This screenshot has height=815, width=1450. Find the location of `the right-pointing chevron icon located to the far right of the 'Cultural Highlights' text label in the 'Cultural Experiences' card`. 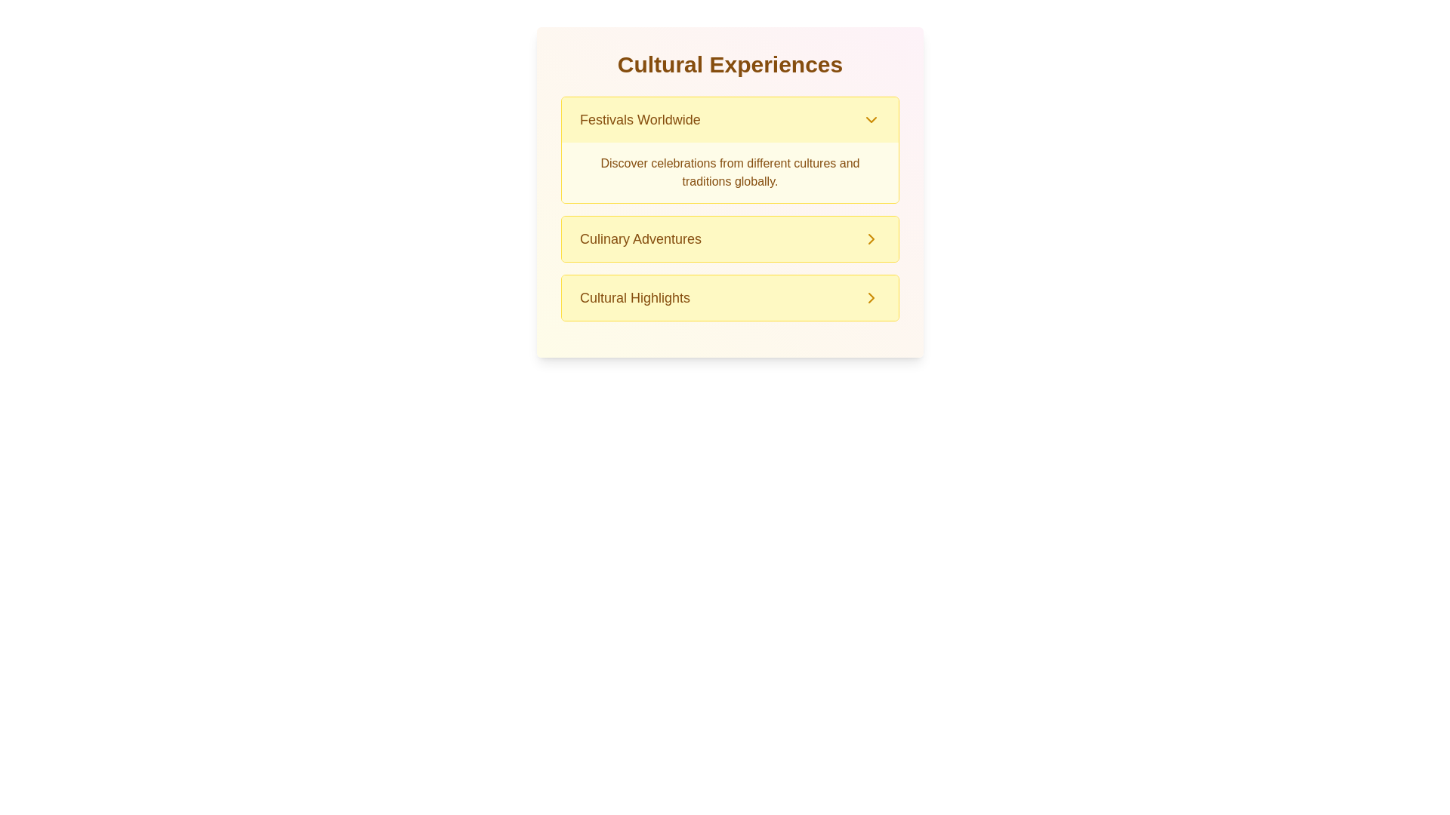

the right-pointing chevron icon located to the far right of the 'Cultural Highlights' text label in the 'Cultural Experiences' card is located at coordinates (871, 297).